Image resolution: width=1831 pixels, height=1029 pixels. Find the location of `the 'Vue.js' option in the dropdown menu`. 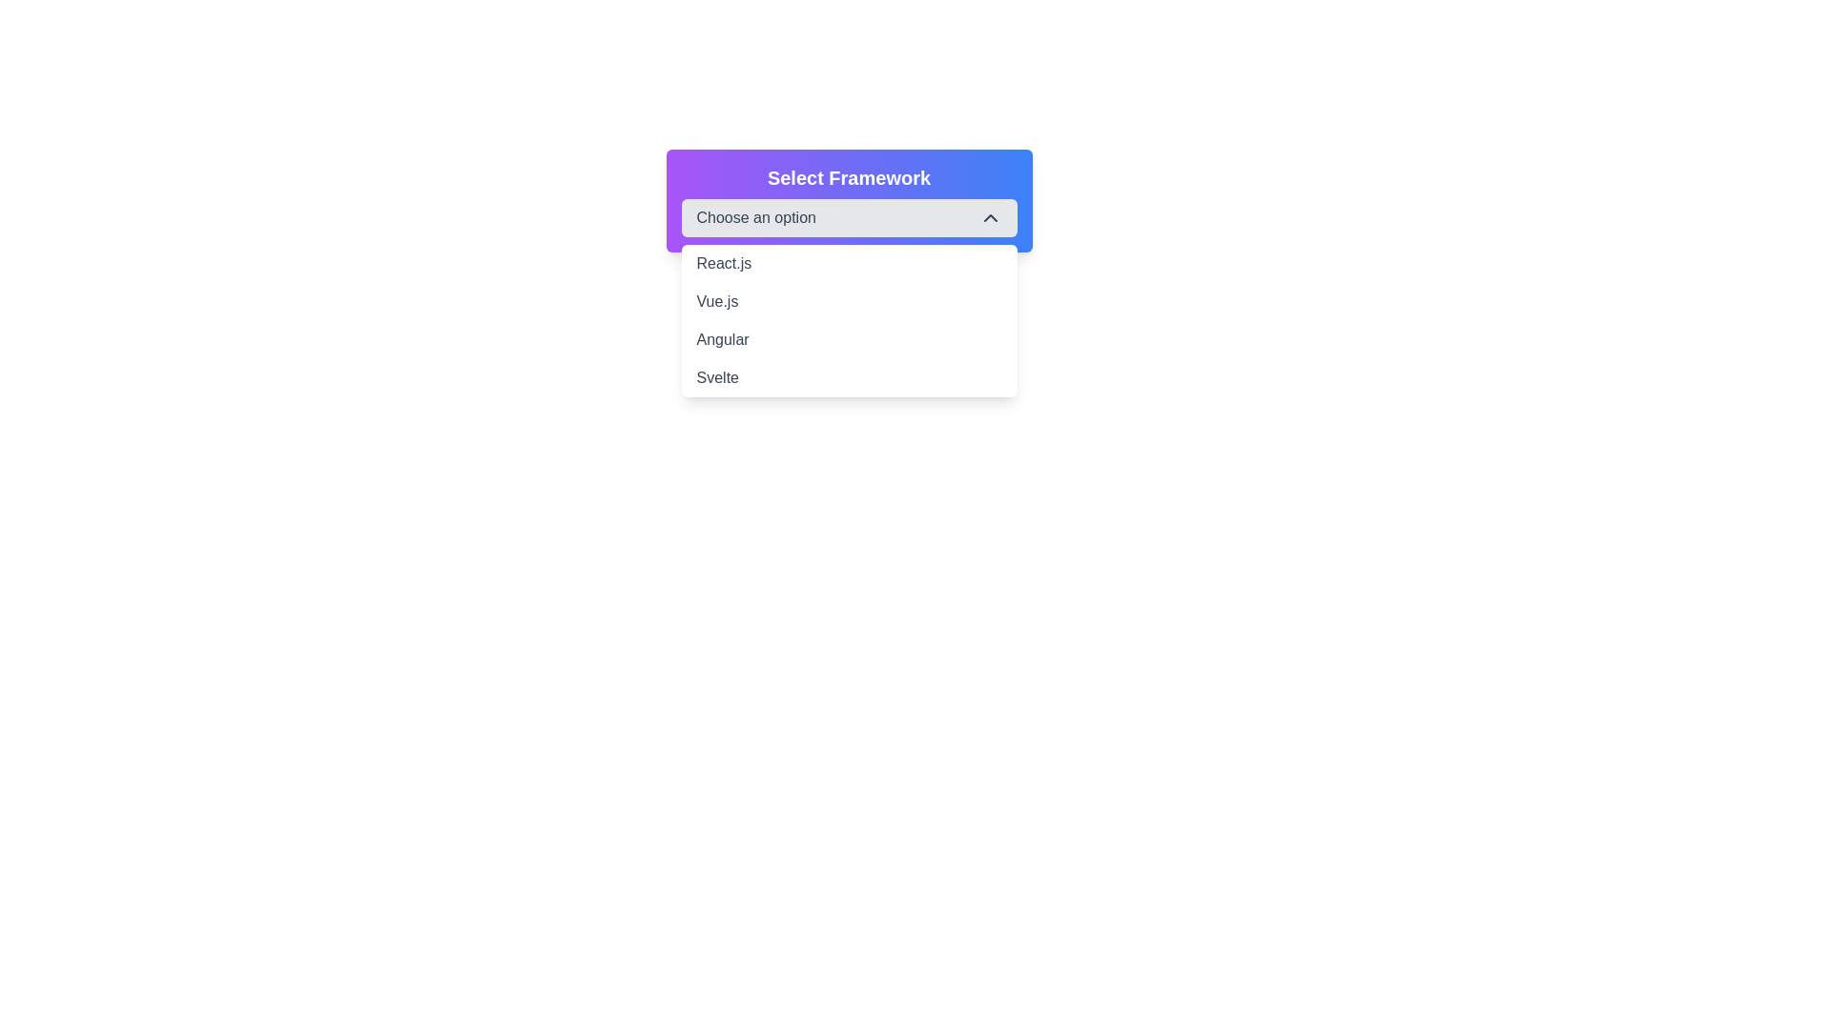

the 'Vue.js' option in the dropdown menu is located at coordinates (716, 300).